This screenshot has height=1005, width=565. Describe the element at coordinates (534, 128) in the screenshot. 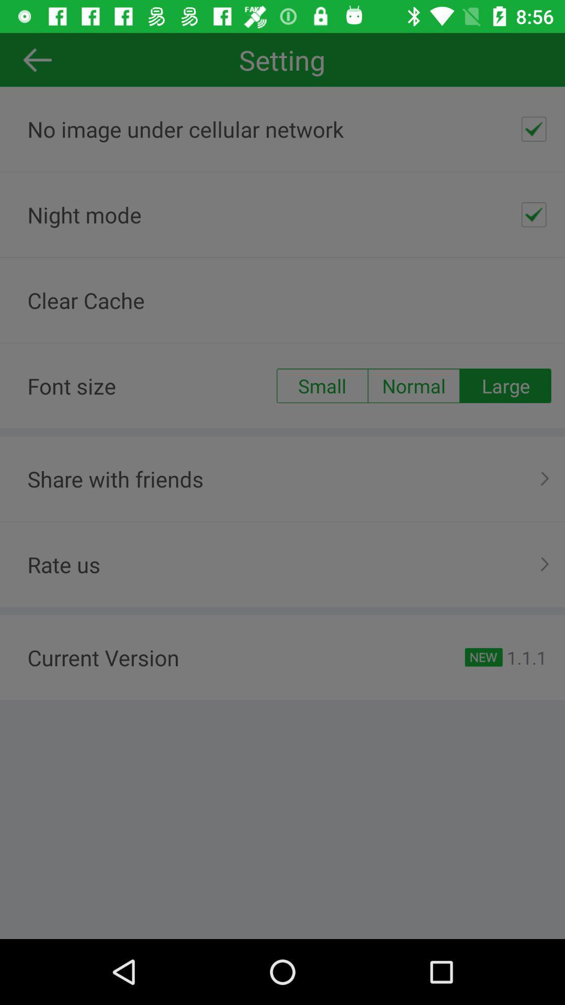

I see `the item to the right of the no image under` at that location.